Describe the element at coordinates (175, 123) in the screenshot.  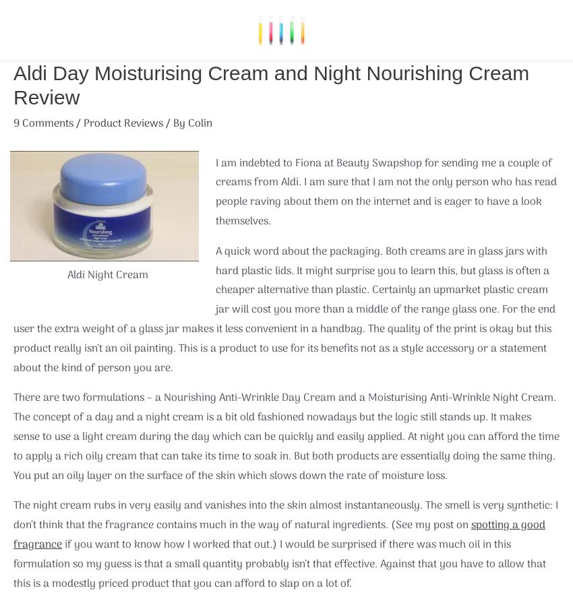
I see `'/ By'` at that location.